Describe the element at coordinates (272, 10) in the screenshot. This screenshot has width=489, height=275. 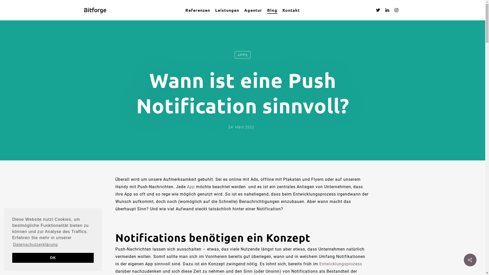
I see `'Blog'` at that location.